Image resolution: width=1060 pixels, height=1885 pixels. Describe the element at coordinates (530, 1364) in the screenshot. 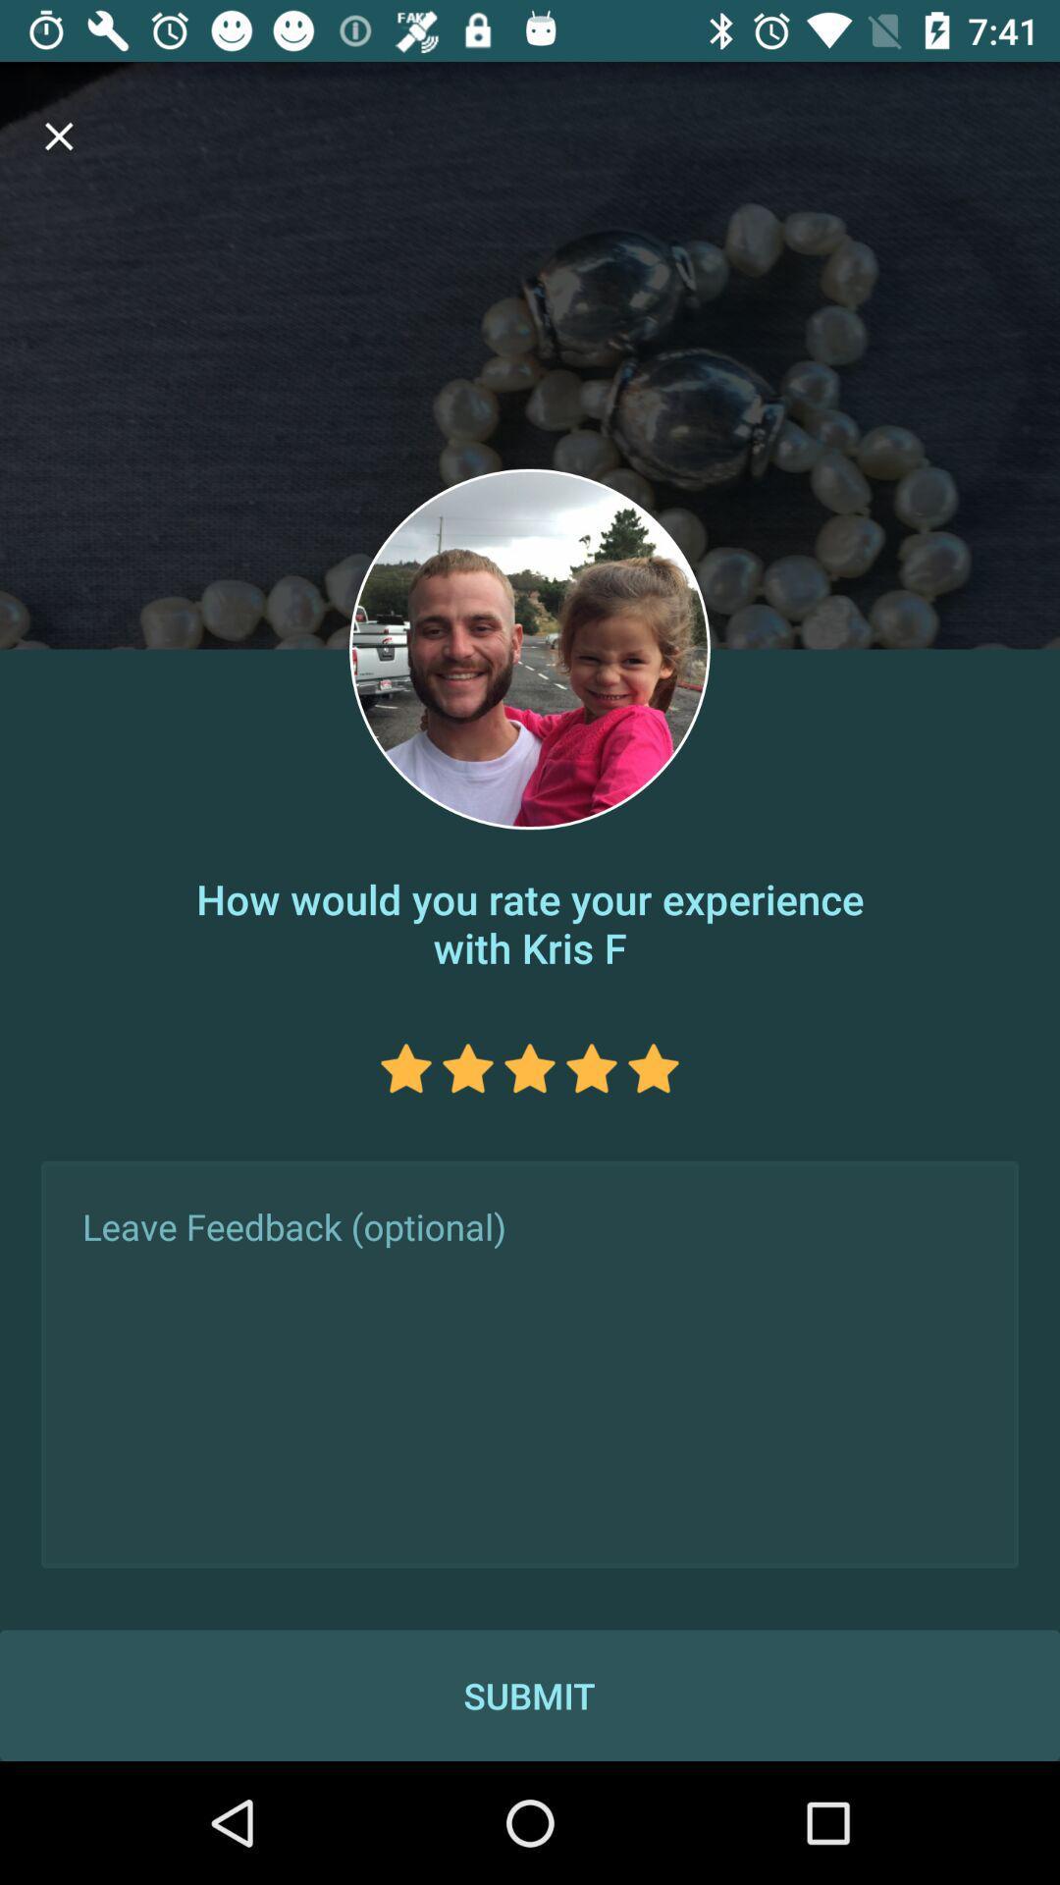

I see `feedback box` at that location.